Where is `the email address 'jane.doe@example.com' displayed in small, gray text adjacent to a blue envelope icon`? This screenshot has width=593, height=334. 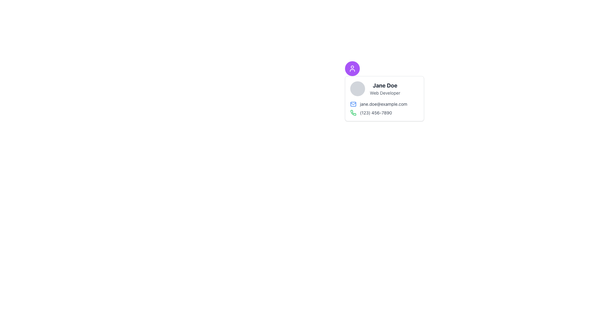
the email address 'jane.doe@example.com' displayed in small, gray text adjacent to a blue envelope icon is located at coordinates (384, 104).